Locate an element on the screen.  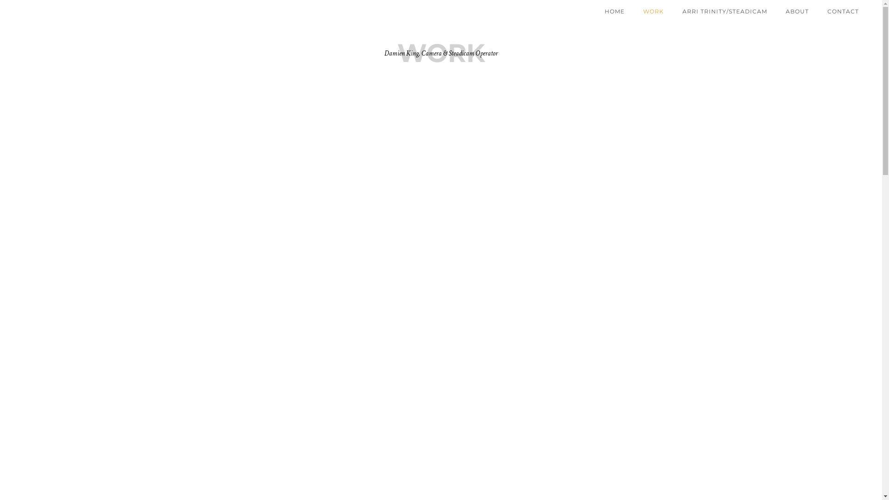
'WORK' is located at coordinates (653, 11).